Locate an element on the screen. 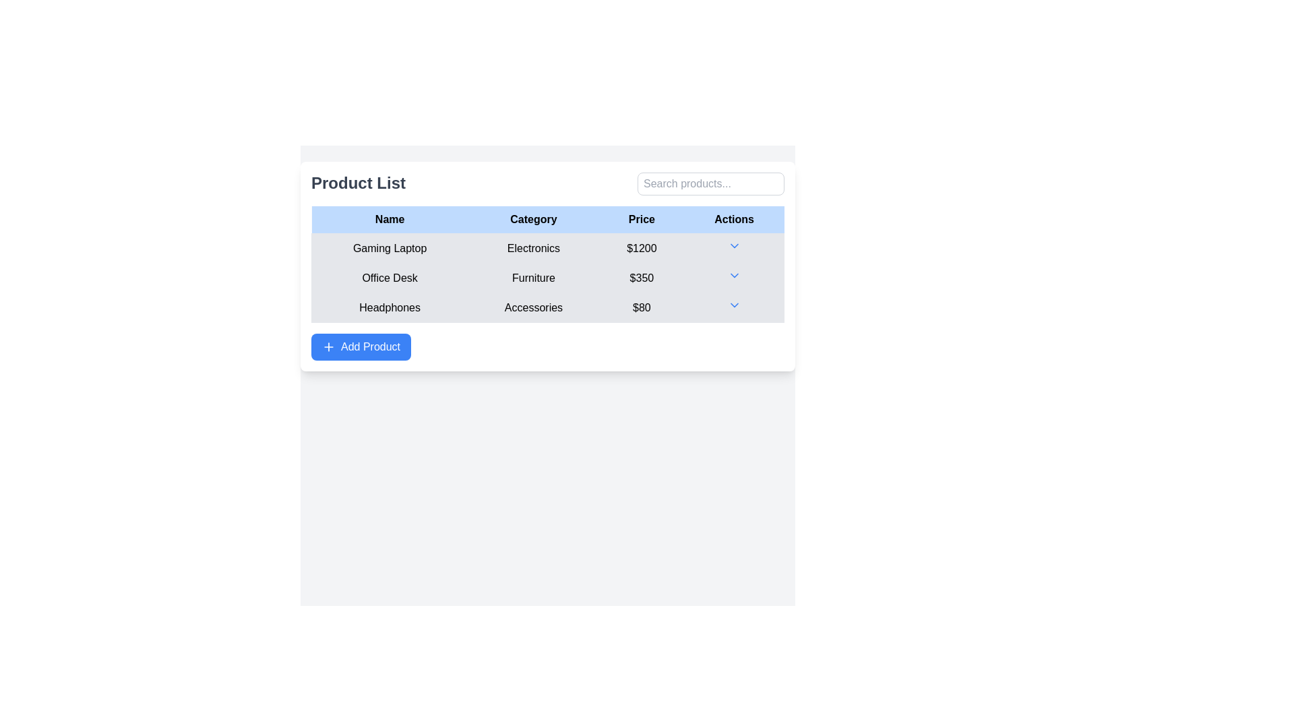 The width and height of the screenshot is (1294, 728). the dropdown toggle button located is located at coordinates (733, 246).